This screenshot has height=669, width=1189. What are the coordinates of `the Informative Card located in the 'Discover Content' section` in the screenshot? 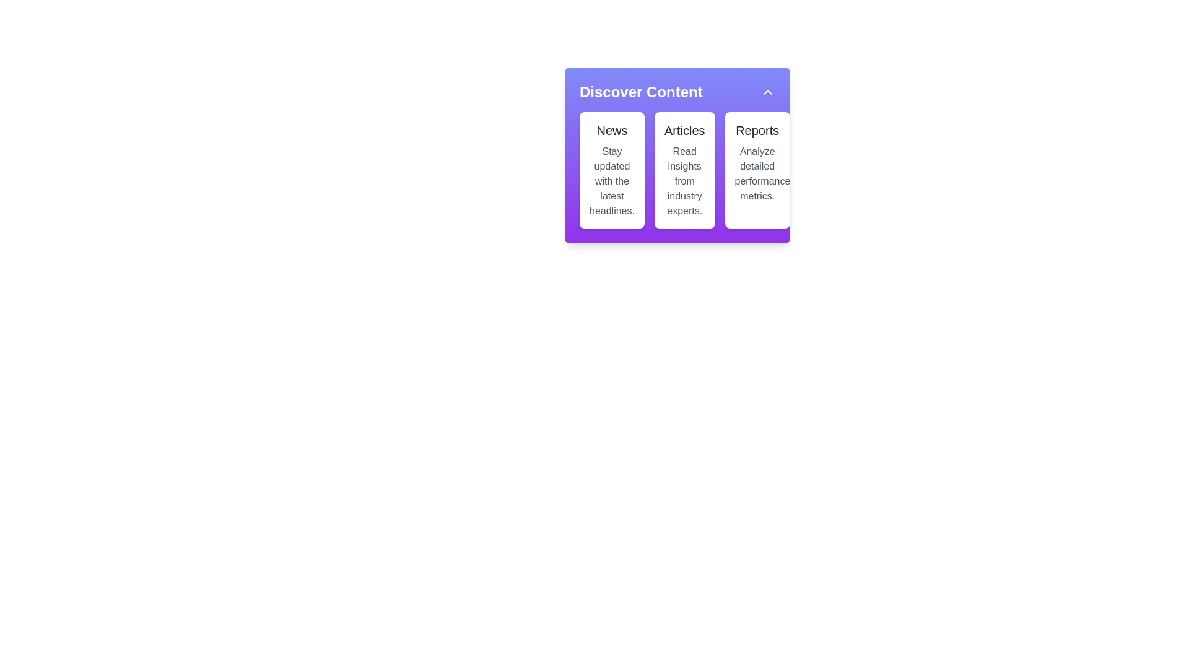 It's located at (612, 170).